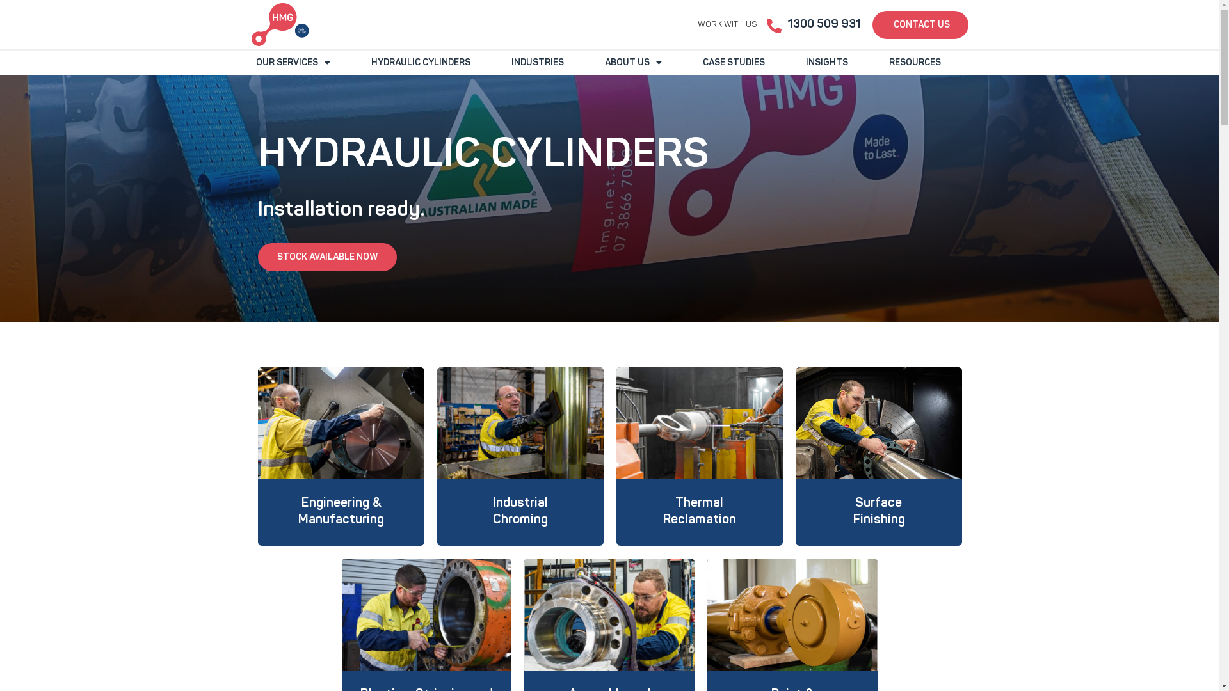  I want to click on 'WORK WITH US', so click(727, 24).